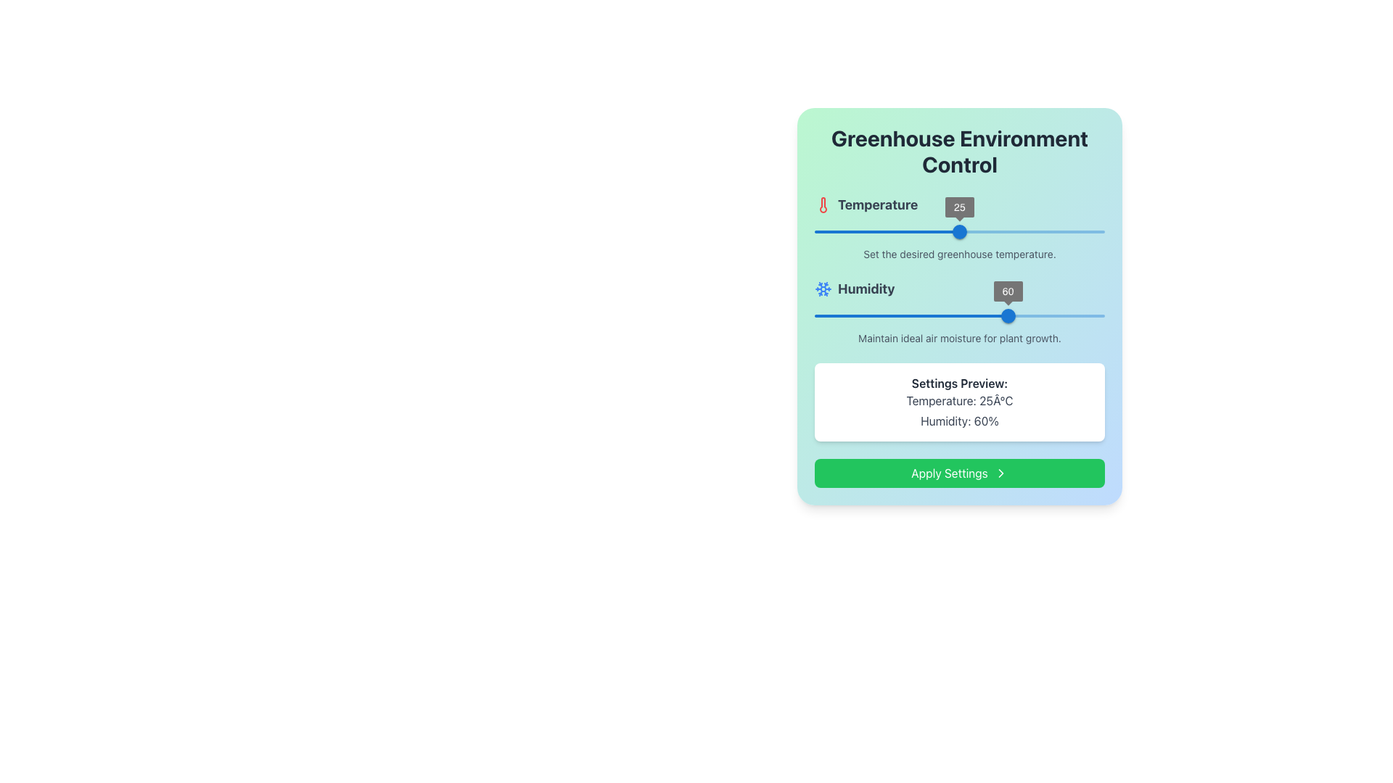  I want to click on the static text label displaying the current humidity setting of 60%, located in the 'Settings Preview' section of the application, so click(960, 421).